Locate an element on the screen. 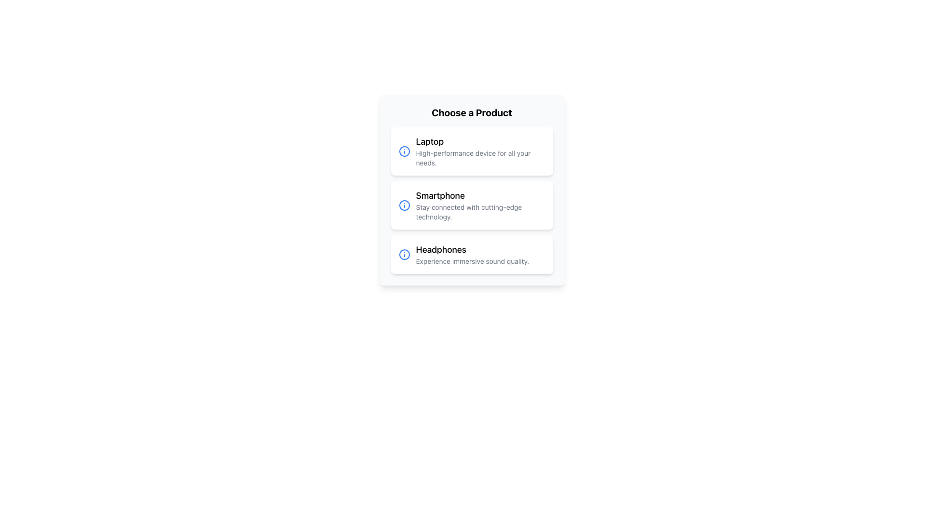 The image size is (926, 521). the text description that provides additional information about the 'Smartphone' option, located beneath the 'Smartphone' title in the second option box of the product list is located at coordinates (480, 211).